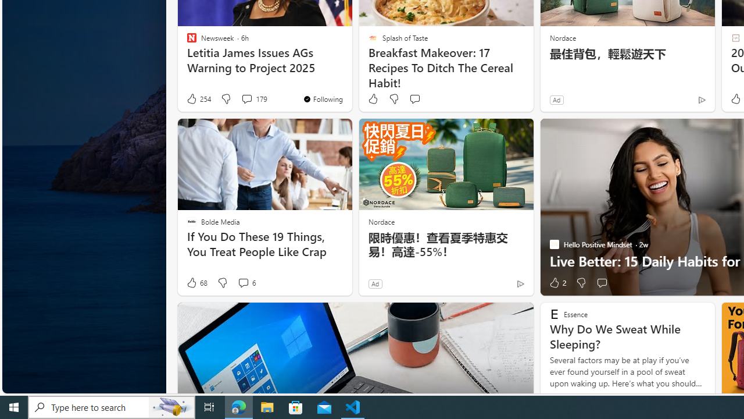  What do you see at coordinates (602, 283) in the screenshot?
I see `'Start the conversation'` at bounding box center [602, 283].